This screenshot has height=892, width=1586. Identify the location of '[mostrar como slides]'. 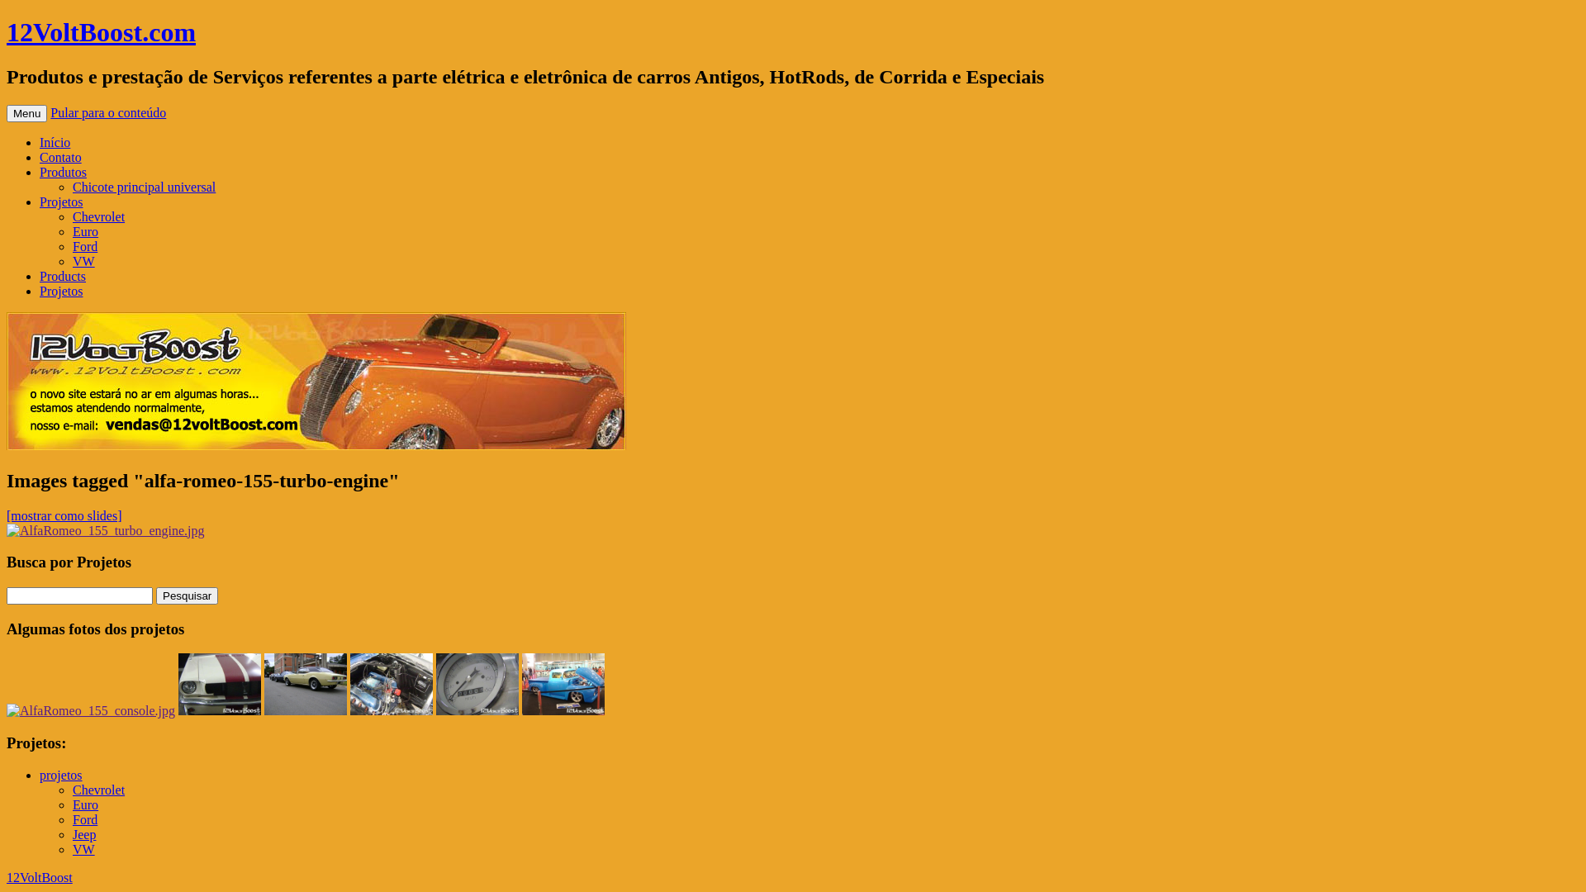
(64, 515).